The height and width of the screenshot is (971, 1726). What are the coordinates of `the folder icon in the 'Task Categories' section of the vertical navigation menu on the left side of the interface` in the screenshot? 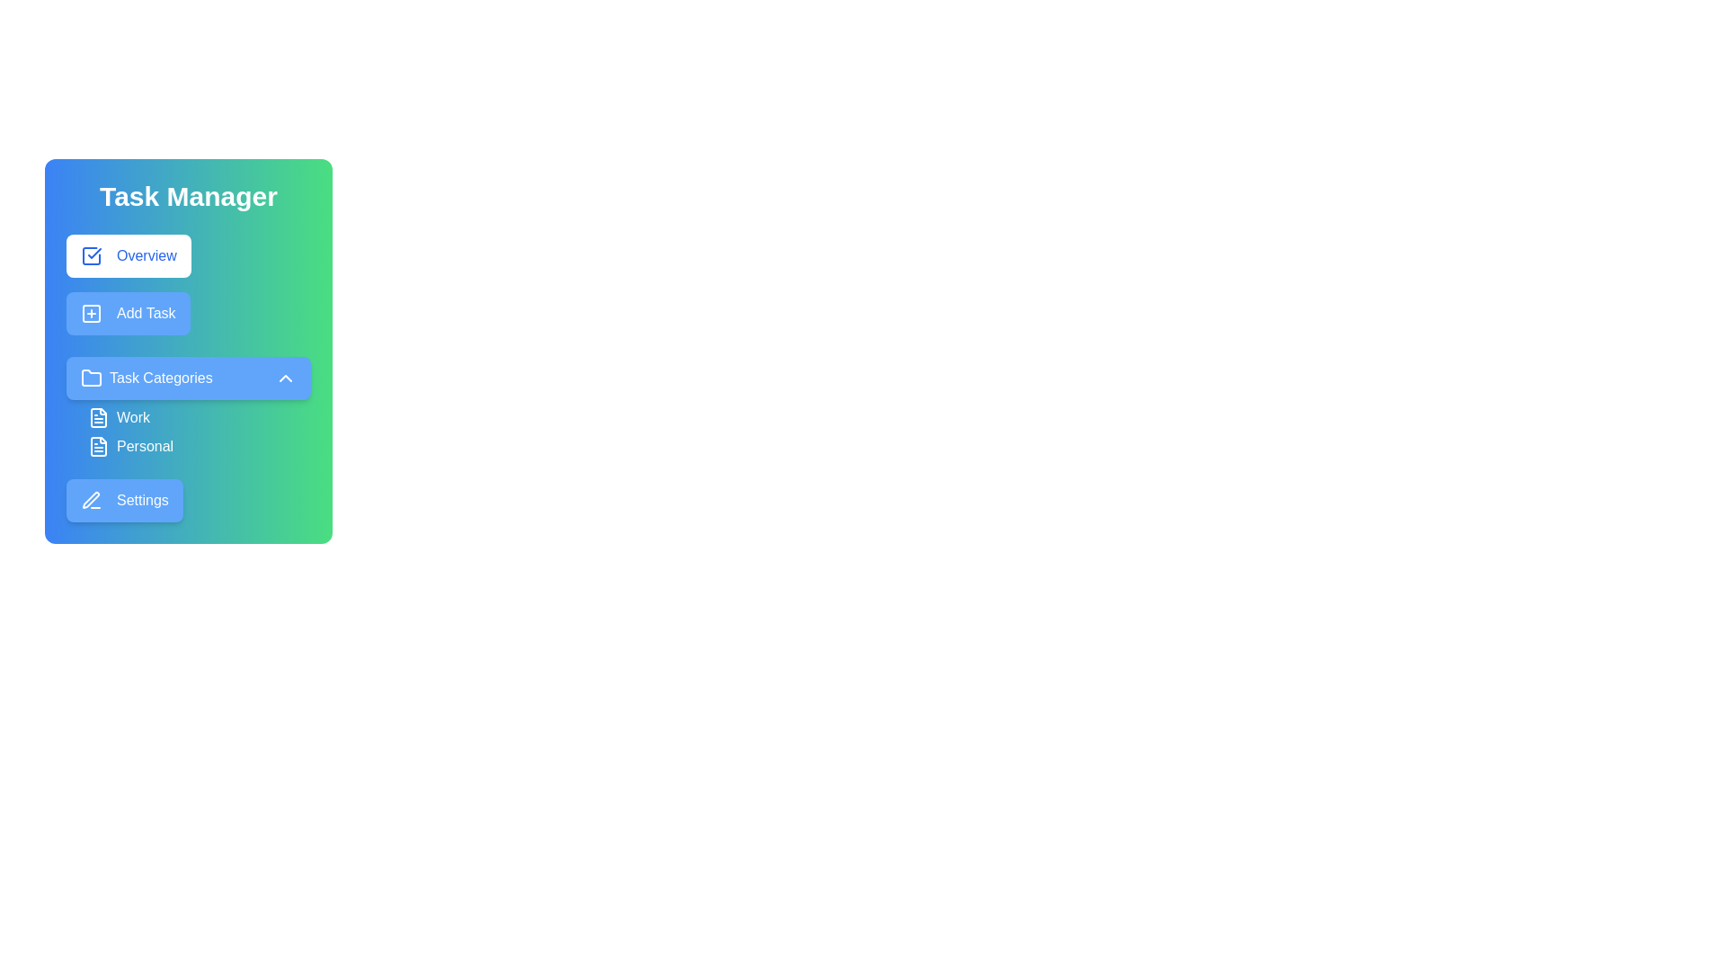 It's located at (90, 377).